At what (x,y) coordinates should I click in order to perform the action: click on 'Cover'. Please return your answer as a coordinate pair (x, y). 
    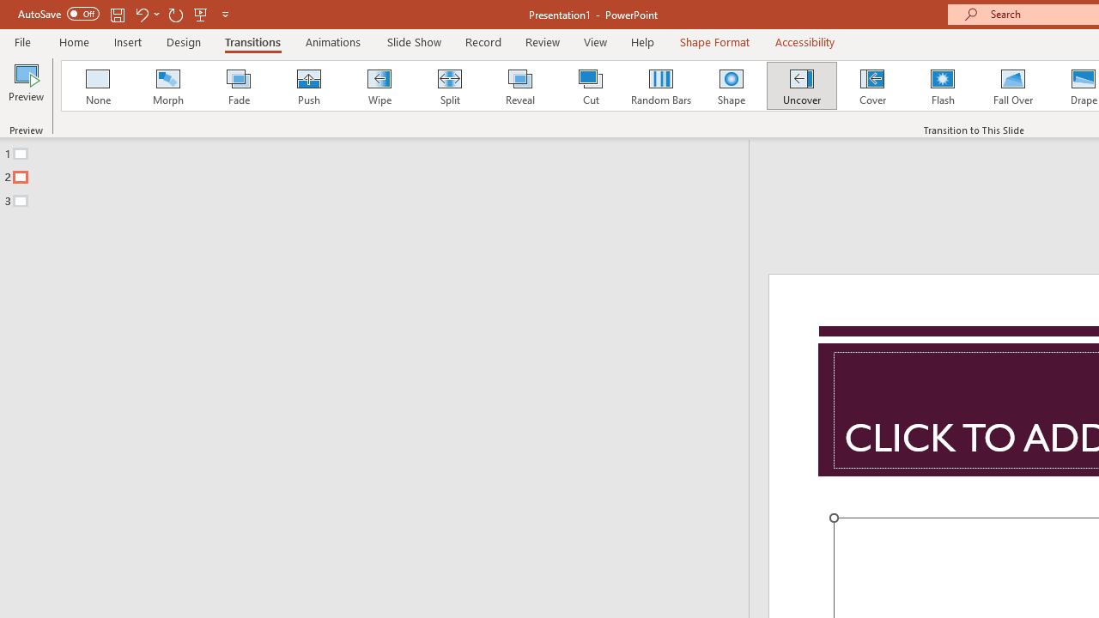
    Looking at the image, I should click on (872, 86).